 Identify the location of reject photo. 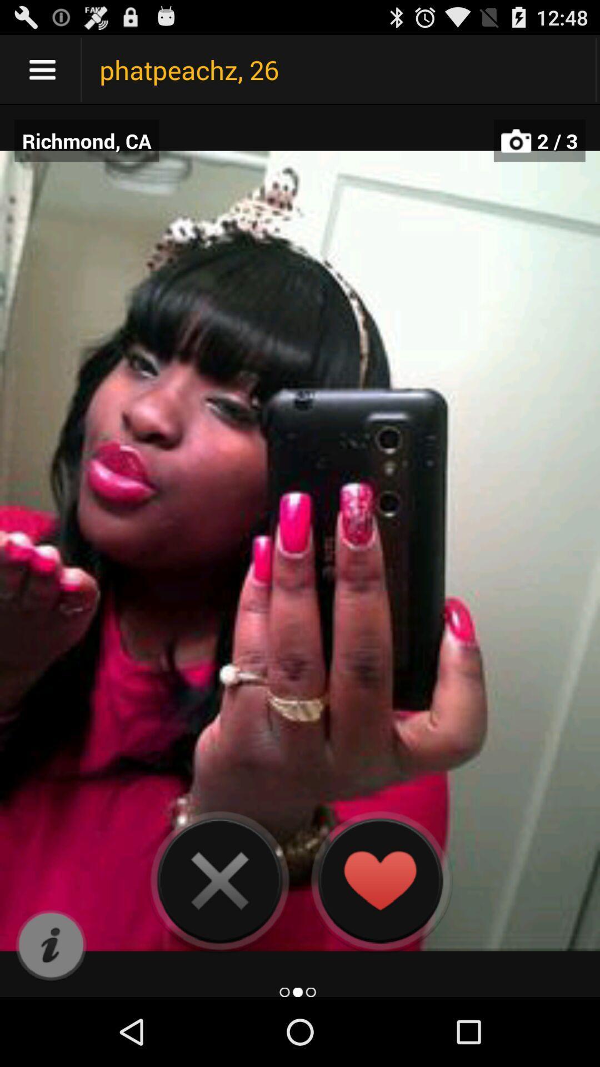
(219, 880).